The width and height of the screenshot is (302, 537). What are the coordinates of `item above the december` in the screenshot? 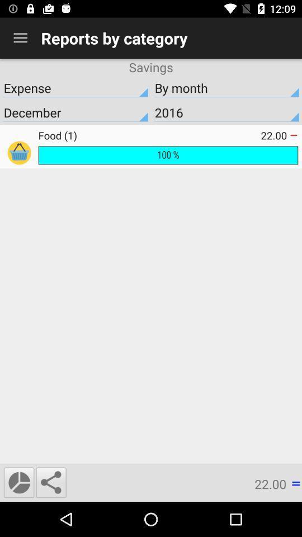 It's located at (226, 87).